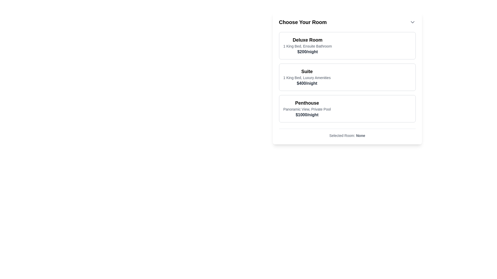 The image size is (497, 279). I want to click on the downward-pointing chevron icon in the header section titled 'Choose Your Room', so click(412, 22).